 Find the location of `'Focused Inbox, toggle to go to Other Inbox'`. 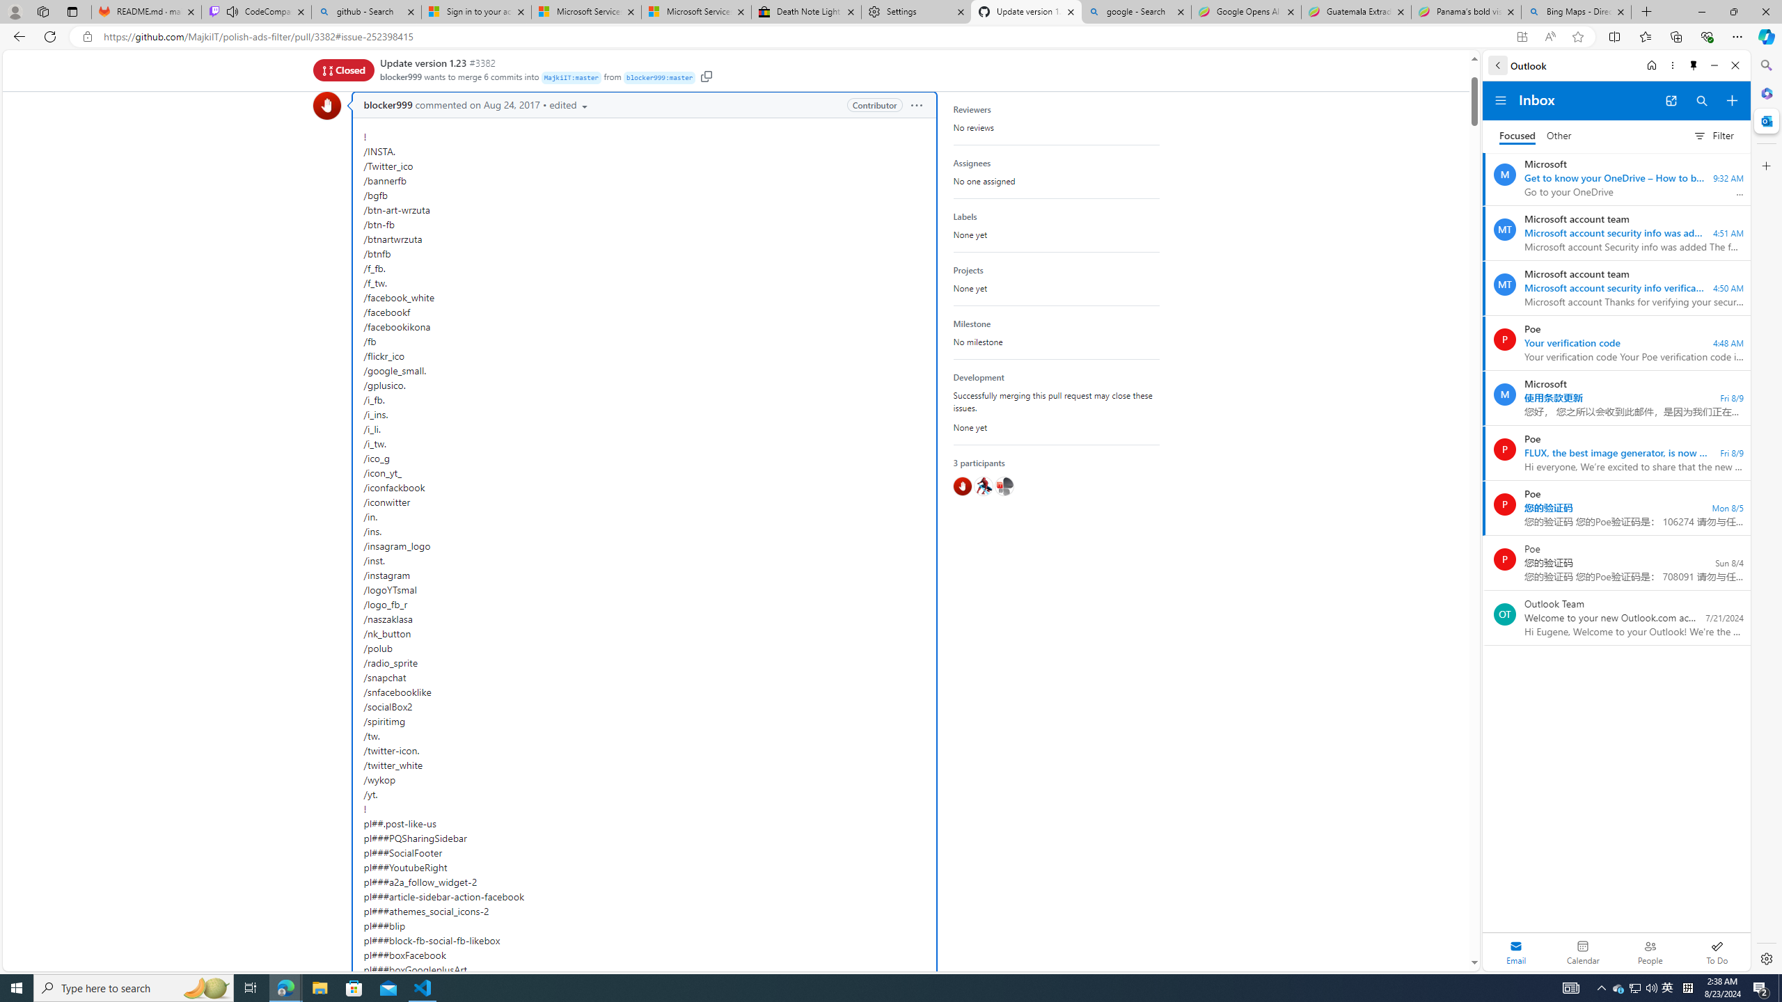

'Focused Inbox, toggle to go to Other Inbox' is located at coordinates (1535, 136).